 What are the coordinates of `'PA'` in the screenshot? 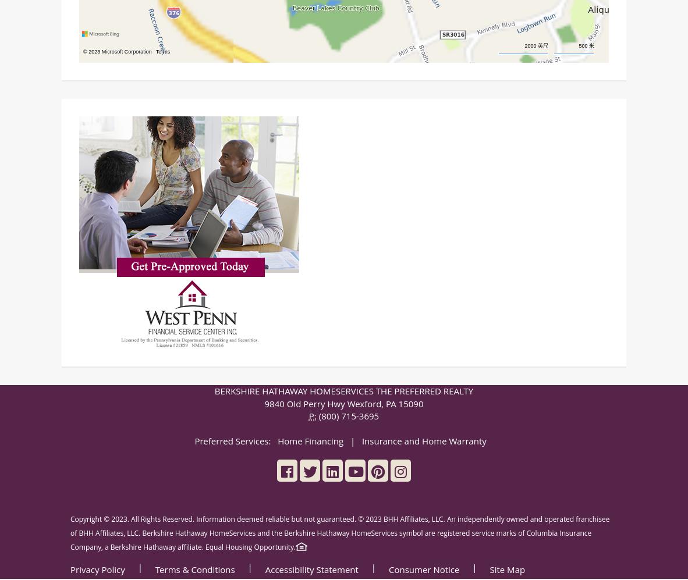 It's located at (390, 404).